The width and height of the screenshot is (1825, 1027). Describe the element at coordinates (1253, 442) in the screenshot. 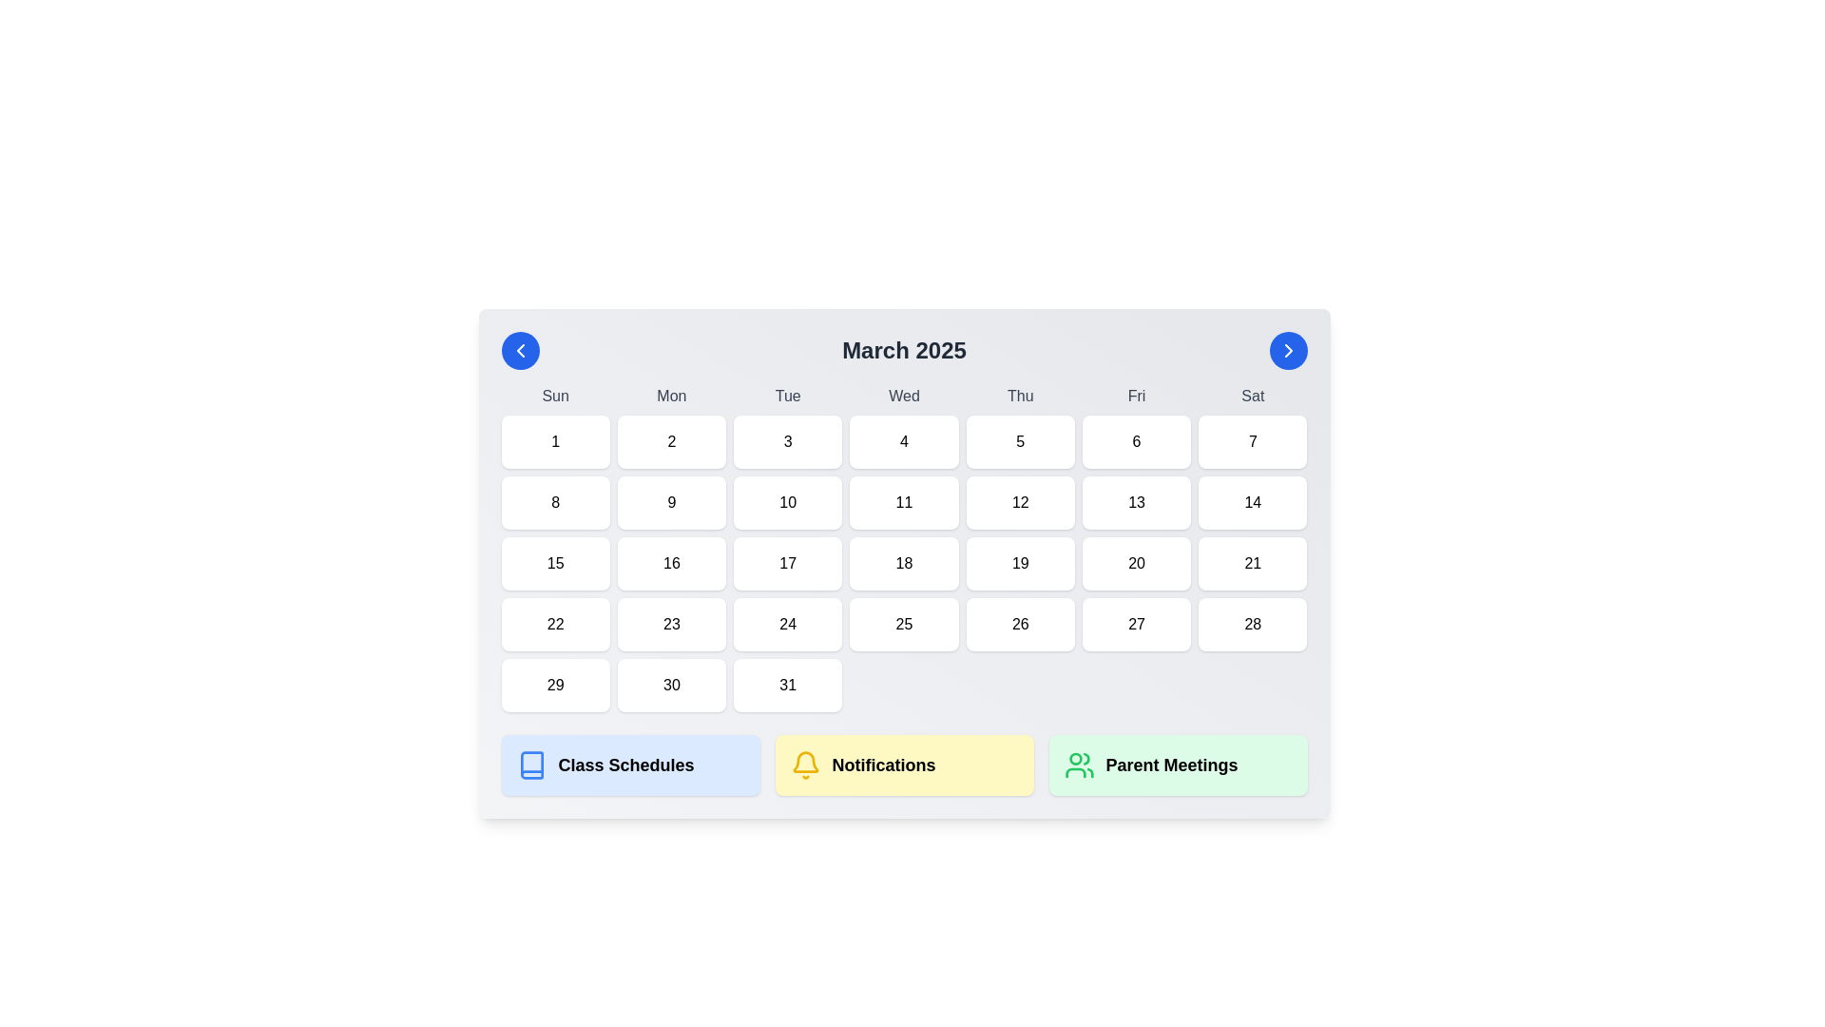

I see `the calendar date cell displaying the number '7', which is located in the first row and seventh column of the calendar grid` at that location.